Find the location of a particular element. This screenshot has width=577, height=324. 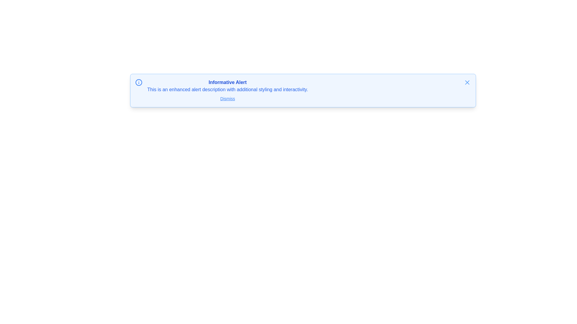

text label providing additional context for the corresponding alert, positioned below the 'Informative Alert' title and above the 'Dismiss' button is located at coordinates (227, 90).